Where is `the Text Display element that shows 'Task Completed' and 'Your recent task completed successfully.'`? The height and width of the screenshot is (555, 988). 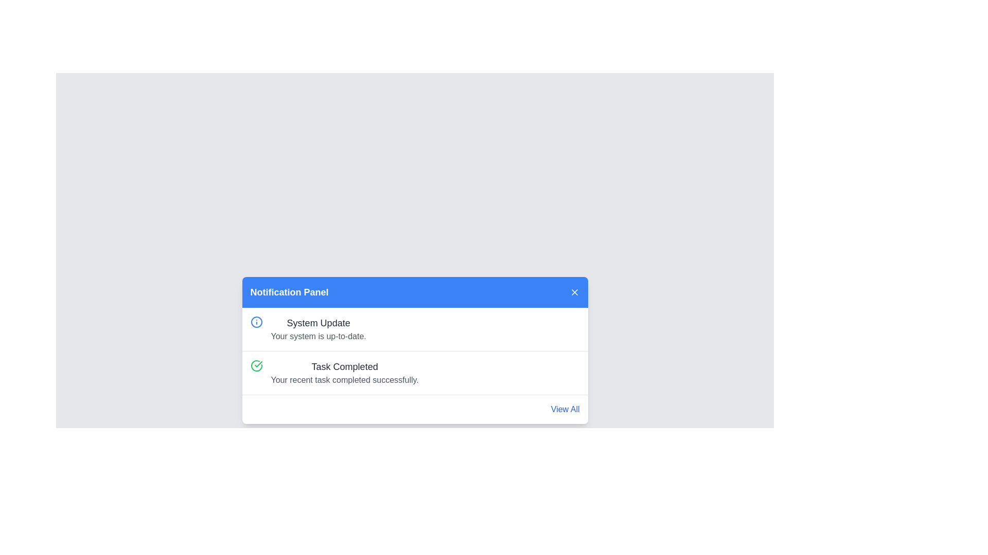
the Text Display element that shows 'Task Completed' and 'Your recent task completed successfully.' is located at coordinates (345, 373).